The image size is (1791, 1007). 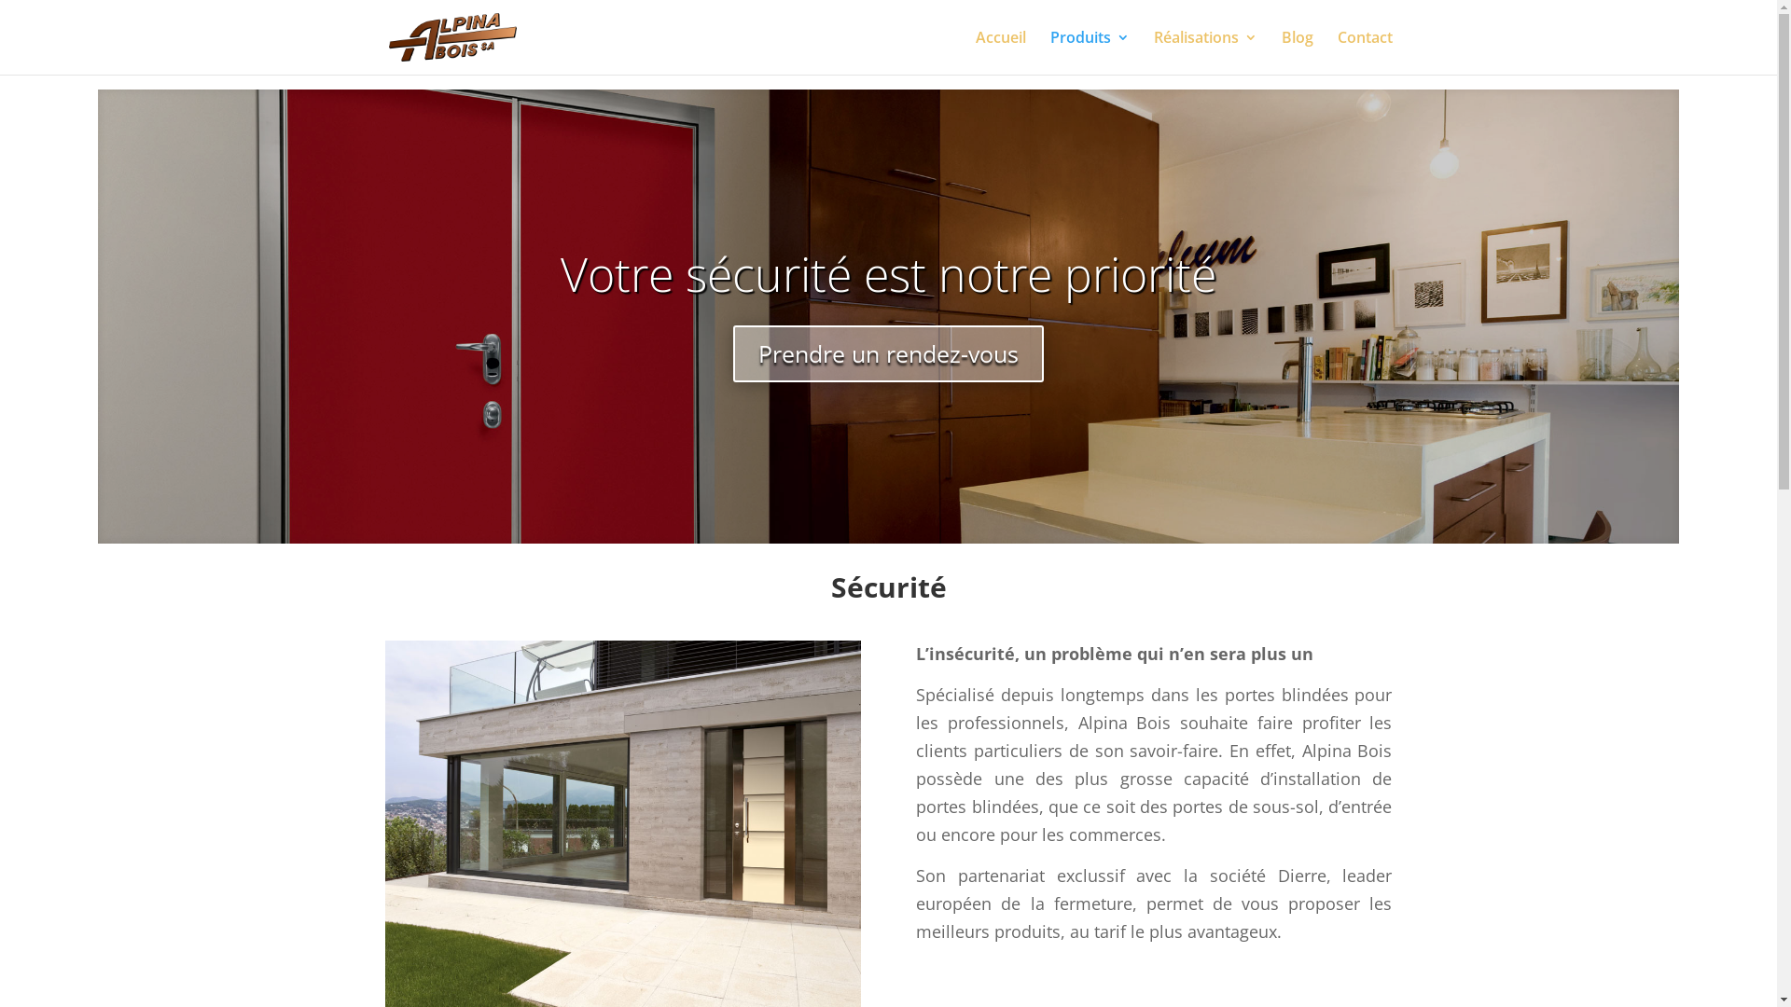 What do you see at coordinates (887, 354) in the screenshot?
I see `'Prendre un rendez-vous'` at bounding box center [887, 354].